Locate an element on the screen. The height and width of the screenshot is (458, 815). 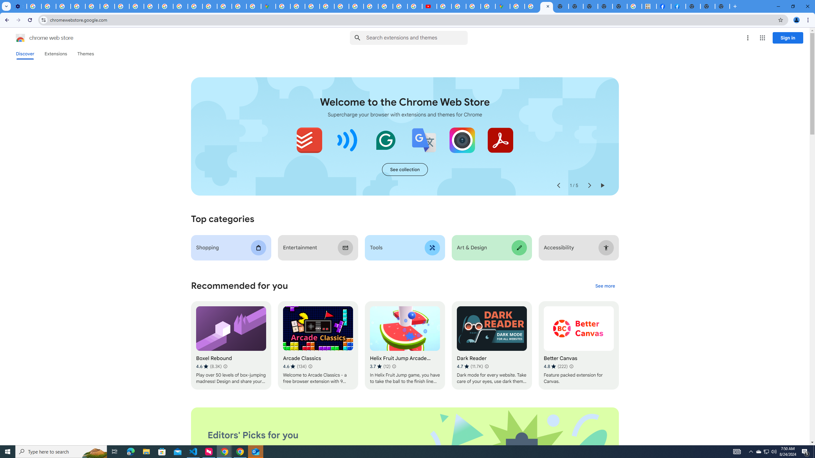
'Average rating 4.6 out of 5 stars. 8.3K ratings.' is located at coordinates (209, 366).